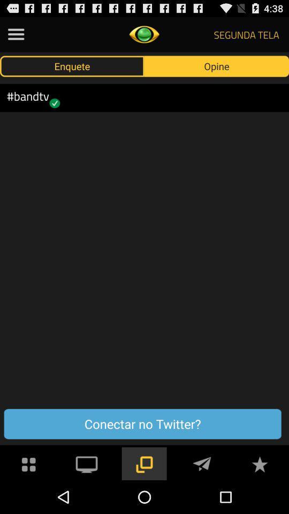 The height and width of the screenshot is (514, 289). I want to click on cast to device, so click(86, 463).